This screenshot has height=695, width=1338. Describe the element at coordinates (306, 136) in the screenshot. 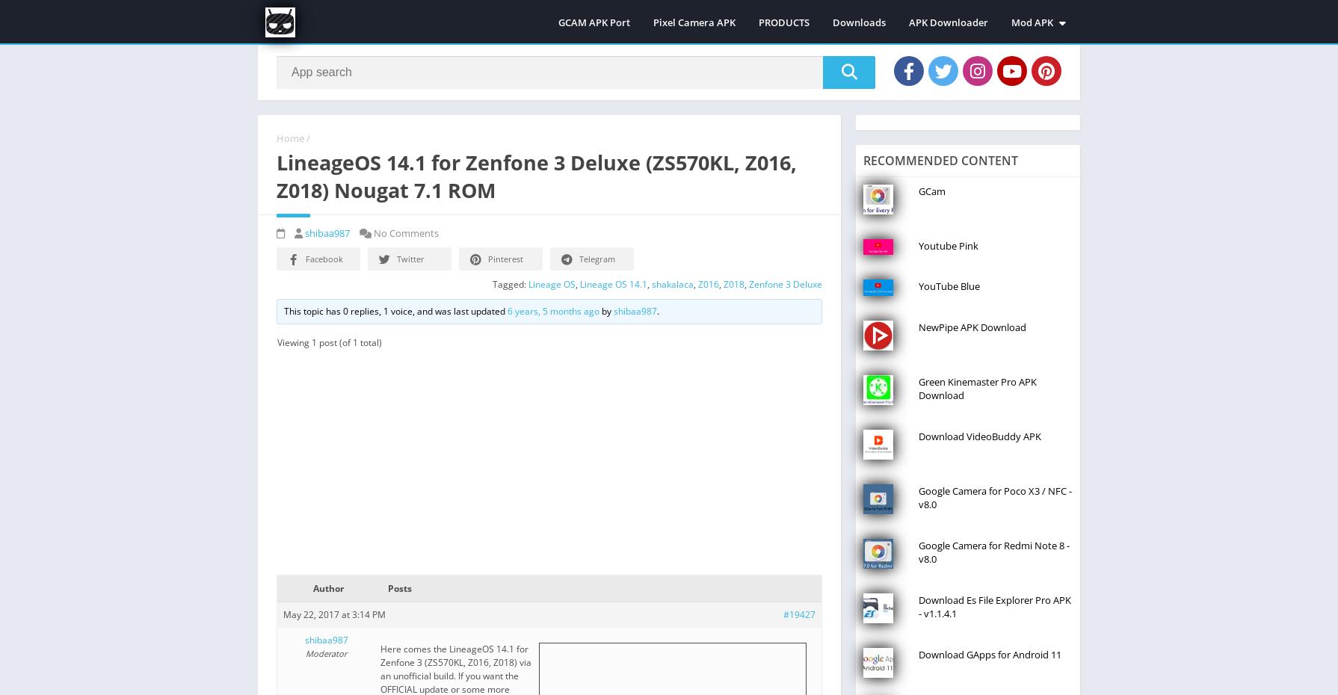

I see `'/'` at that location.